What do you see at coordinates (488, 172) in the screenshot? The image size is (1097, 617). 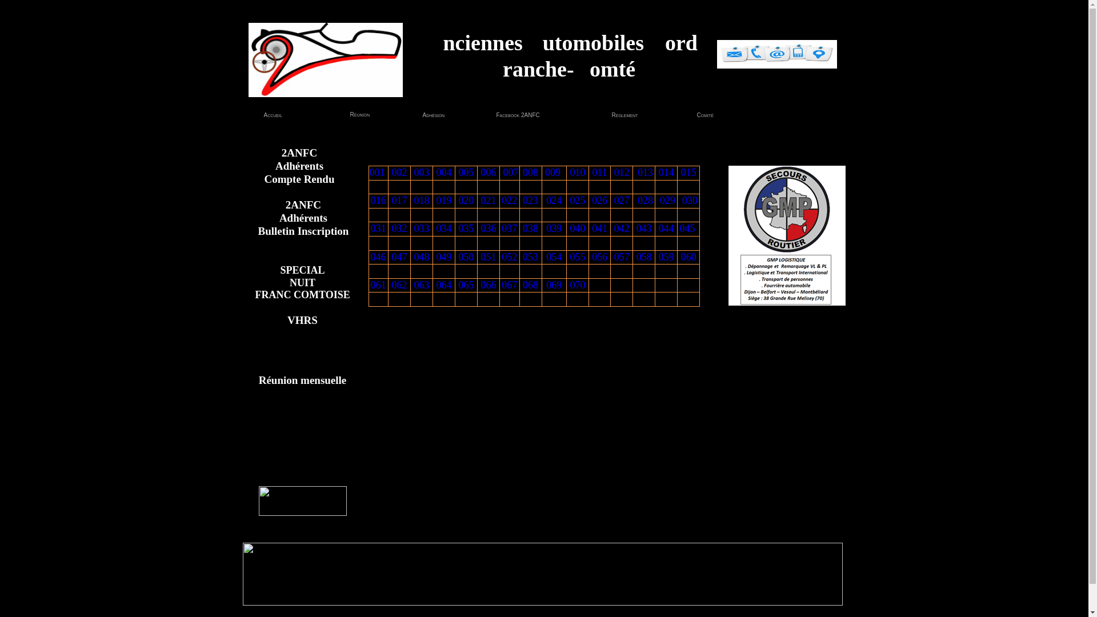 I see `' 006 '` at bounding box center [488, 172].